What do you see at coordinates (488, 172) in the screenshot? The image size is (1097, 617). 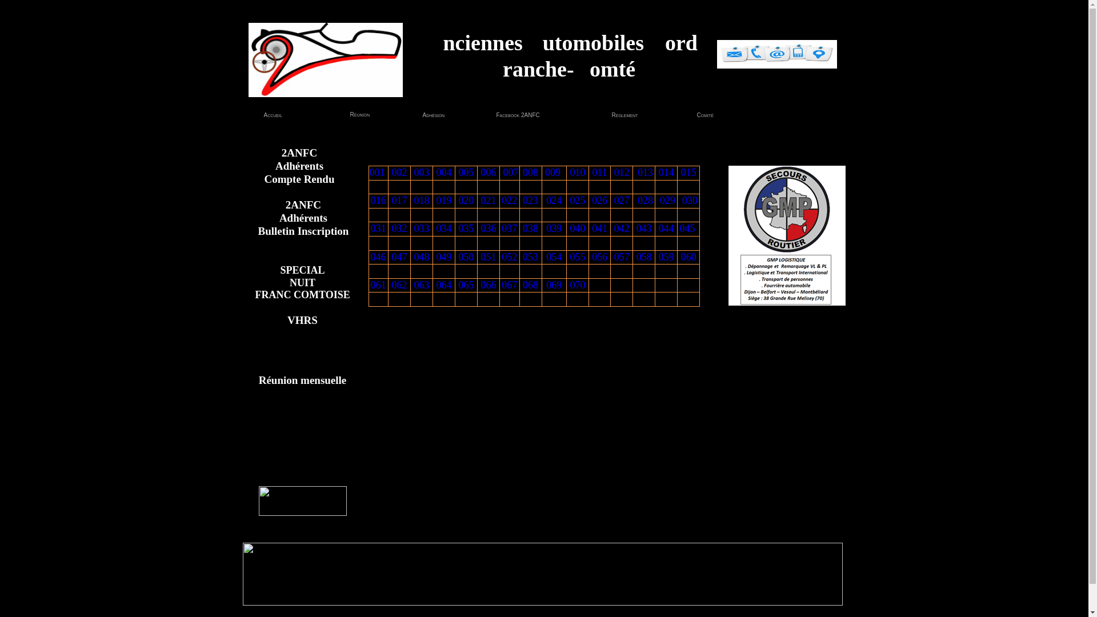 I see `' 006 '` at bounding box center [488, 172].